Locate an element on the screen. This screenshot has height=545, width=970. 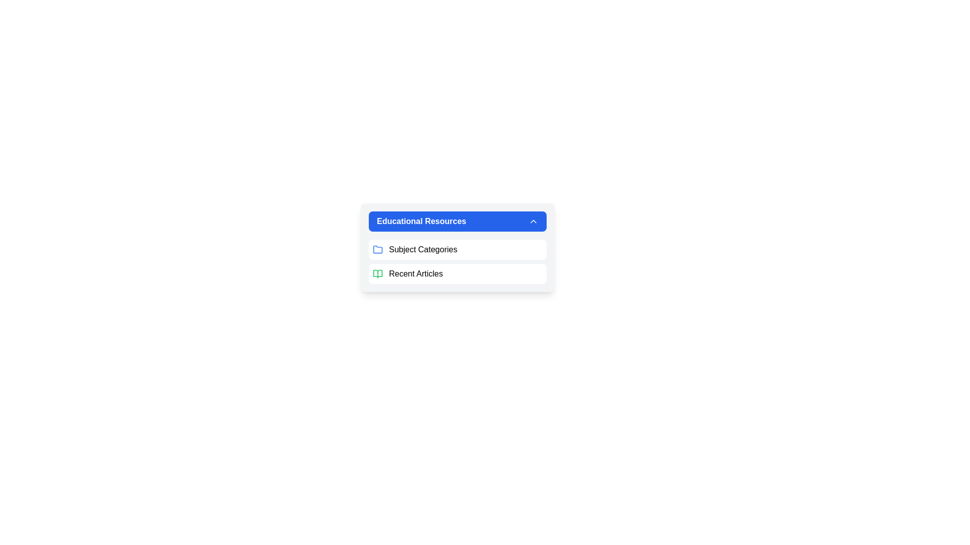
text content of the label indicating subject categories within the 'Educational Resources' section, positioned above 'Recent Articles' and to the right of a small folder icon is located at coordinates (423, 249).